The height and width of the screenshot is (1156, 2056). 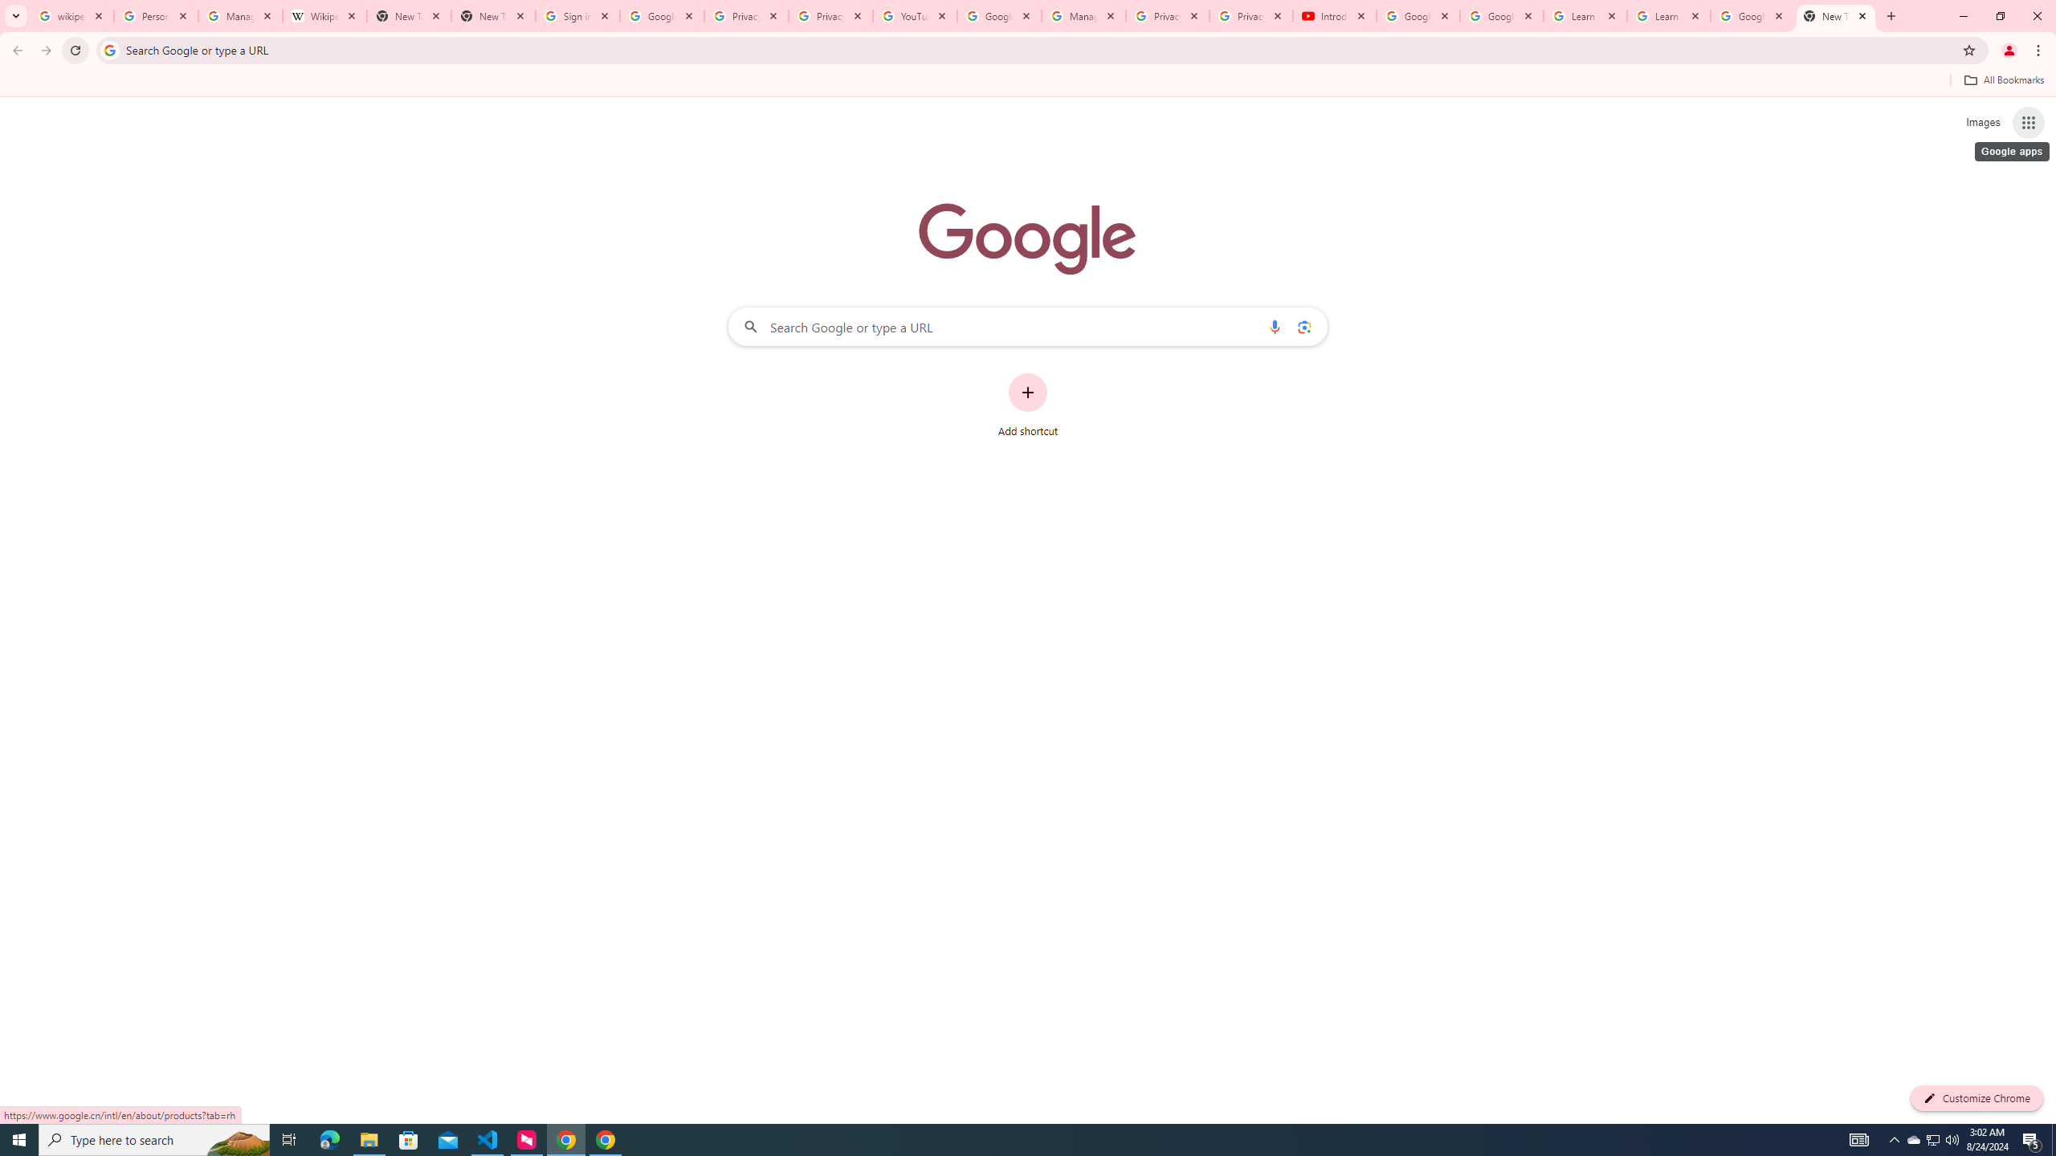 I want to click on 'Search icon', so click(x=108, y=49).